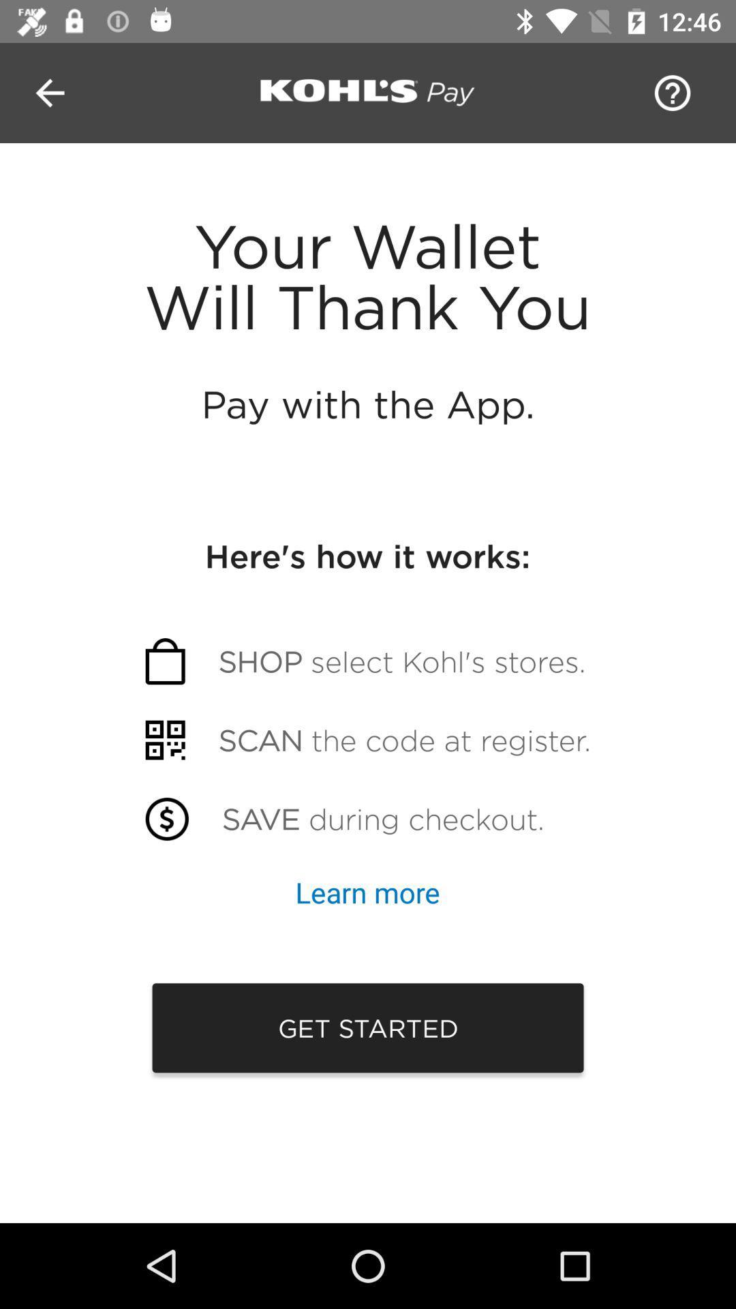  I want to click on the arrow_backward icon, so click(49, 92).